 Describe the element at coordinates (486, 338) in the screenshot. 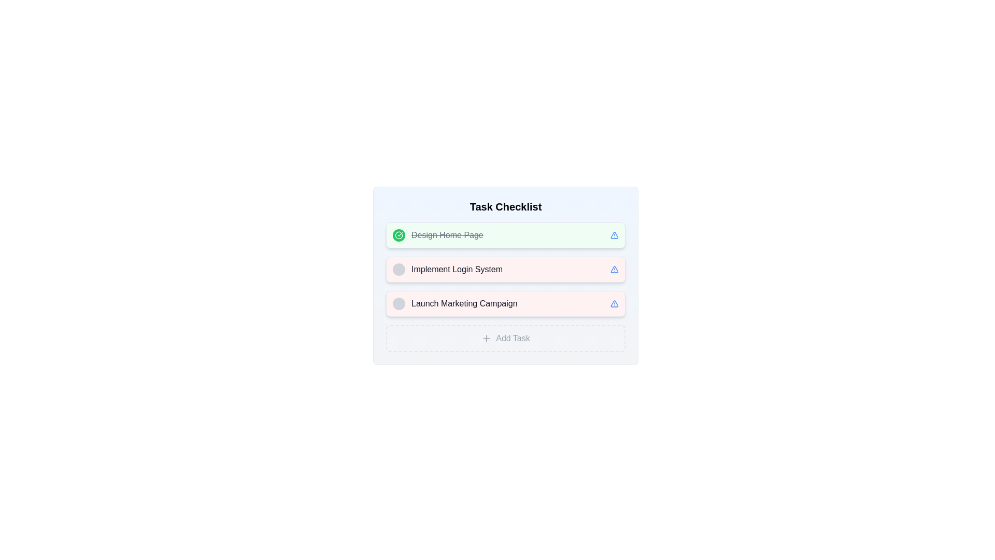

I see `the decorative icon that visually indicates the action of adding a new task, which is centered inside the 'Add Task' button located below the task list` at that location.